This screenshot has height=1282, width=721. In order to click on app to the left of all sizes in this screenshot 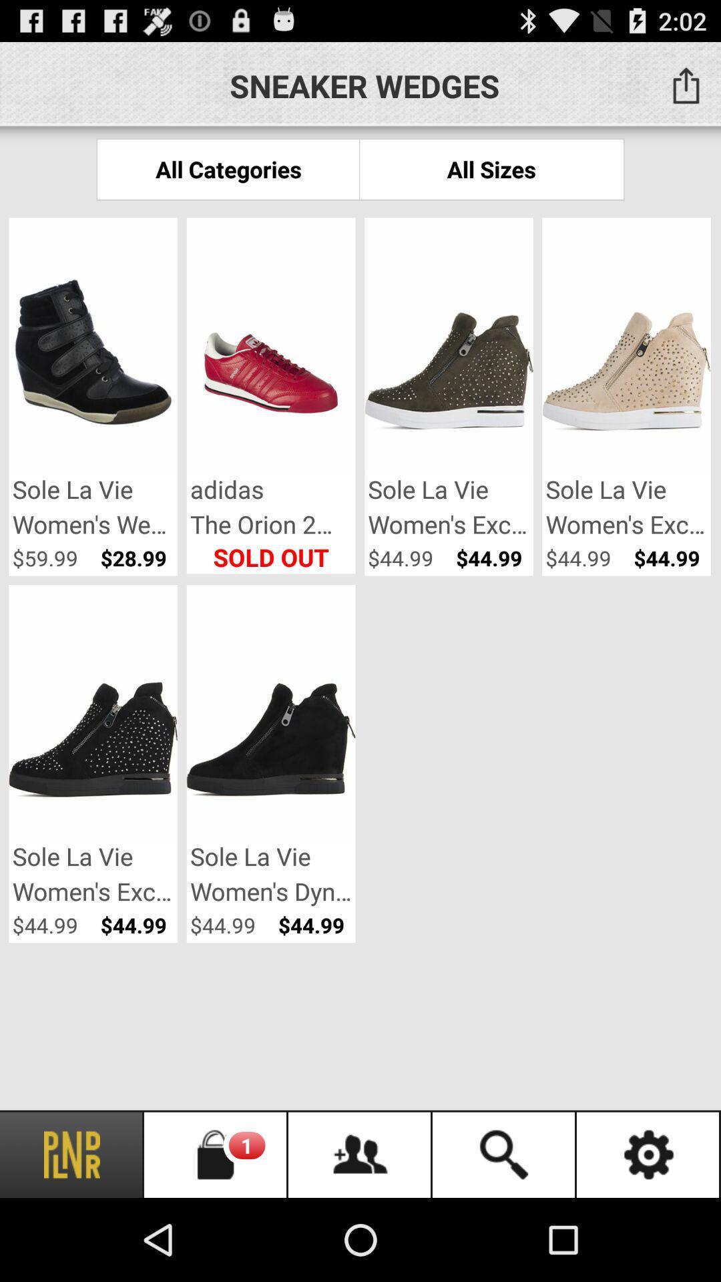, I will do `click(228, 168)`.